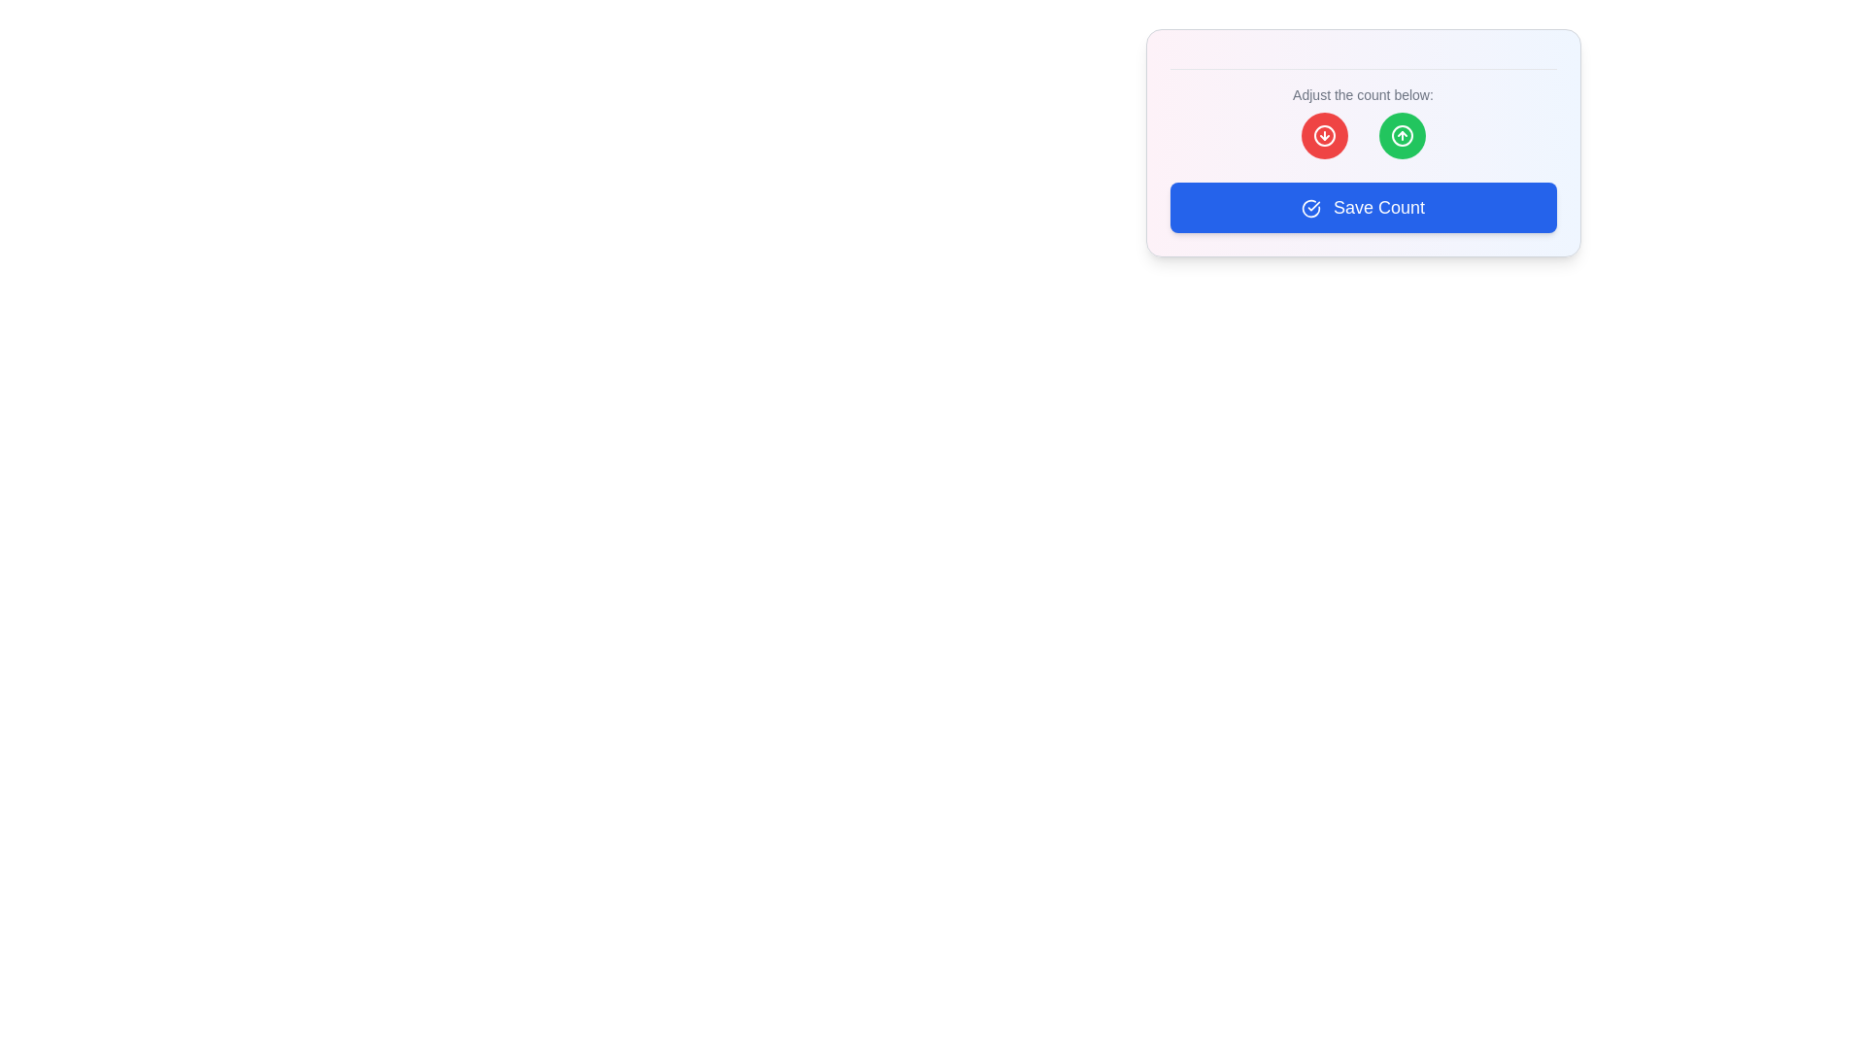 The image size is (1865, 1049). What do you see at coordinates (1402, 134) in the screenshot?
I see `the SVG circle element with a radius of 10 units, which is part of an icon located in the upper section of the panel labeled 'Adjust the count below:'` at bounding box center [1402, 134].